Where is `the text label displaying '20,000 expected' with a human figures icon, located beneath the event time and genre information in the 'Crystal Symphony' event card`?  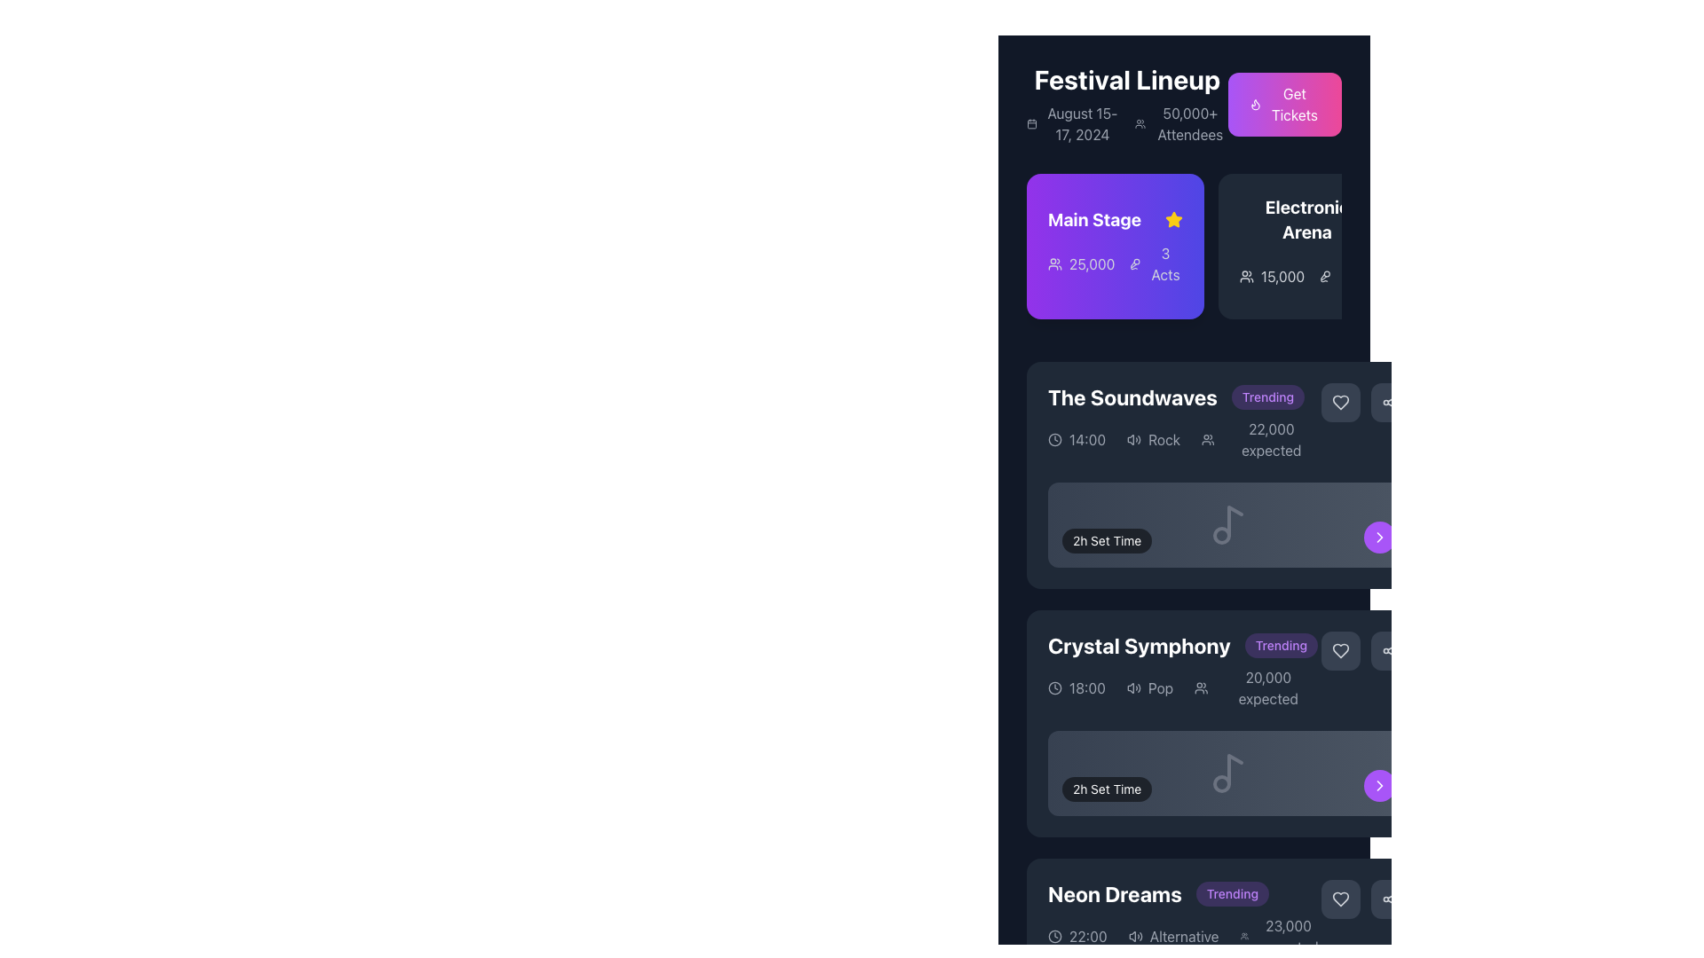 the text label displaying '20,000 expected' with a human figures icon, located beneath the event time and genre information in the 'Crystal Symphony' event card is located at coordinates (1257, 687).